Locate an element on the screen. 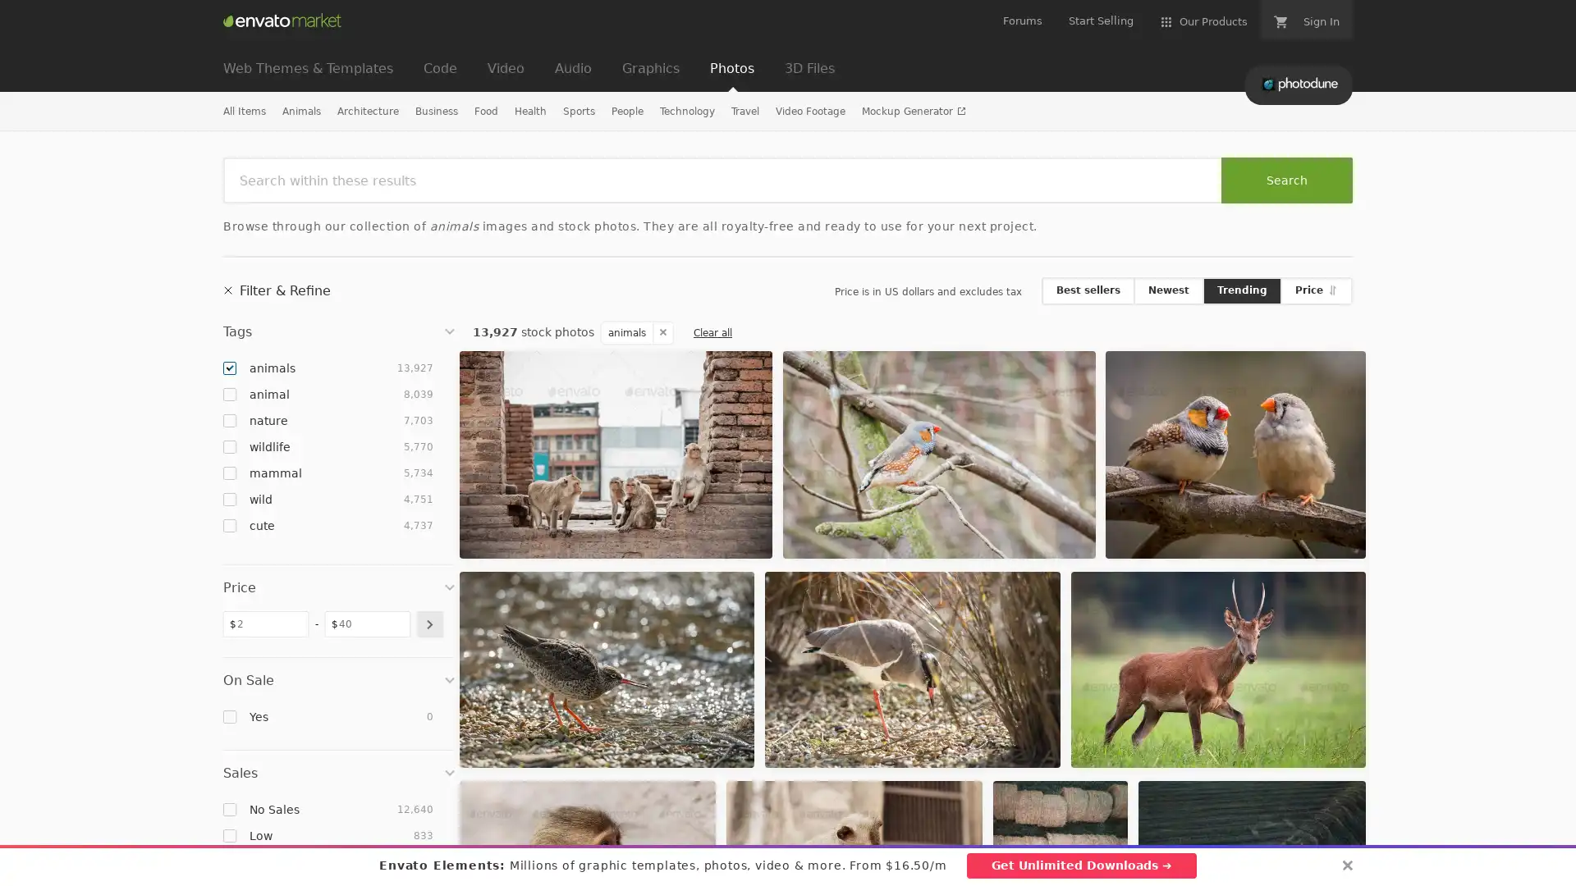 This screenshot has height=886, width=1576. Add to Favorites is located at coordinates (694, 800).